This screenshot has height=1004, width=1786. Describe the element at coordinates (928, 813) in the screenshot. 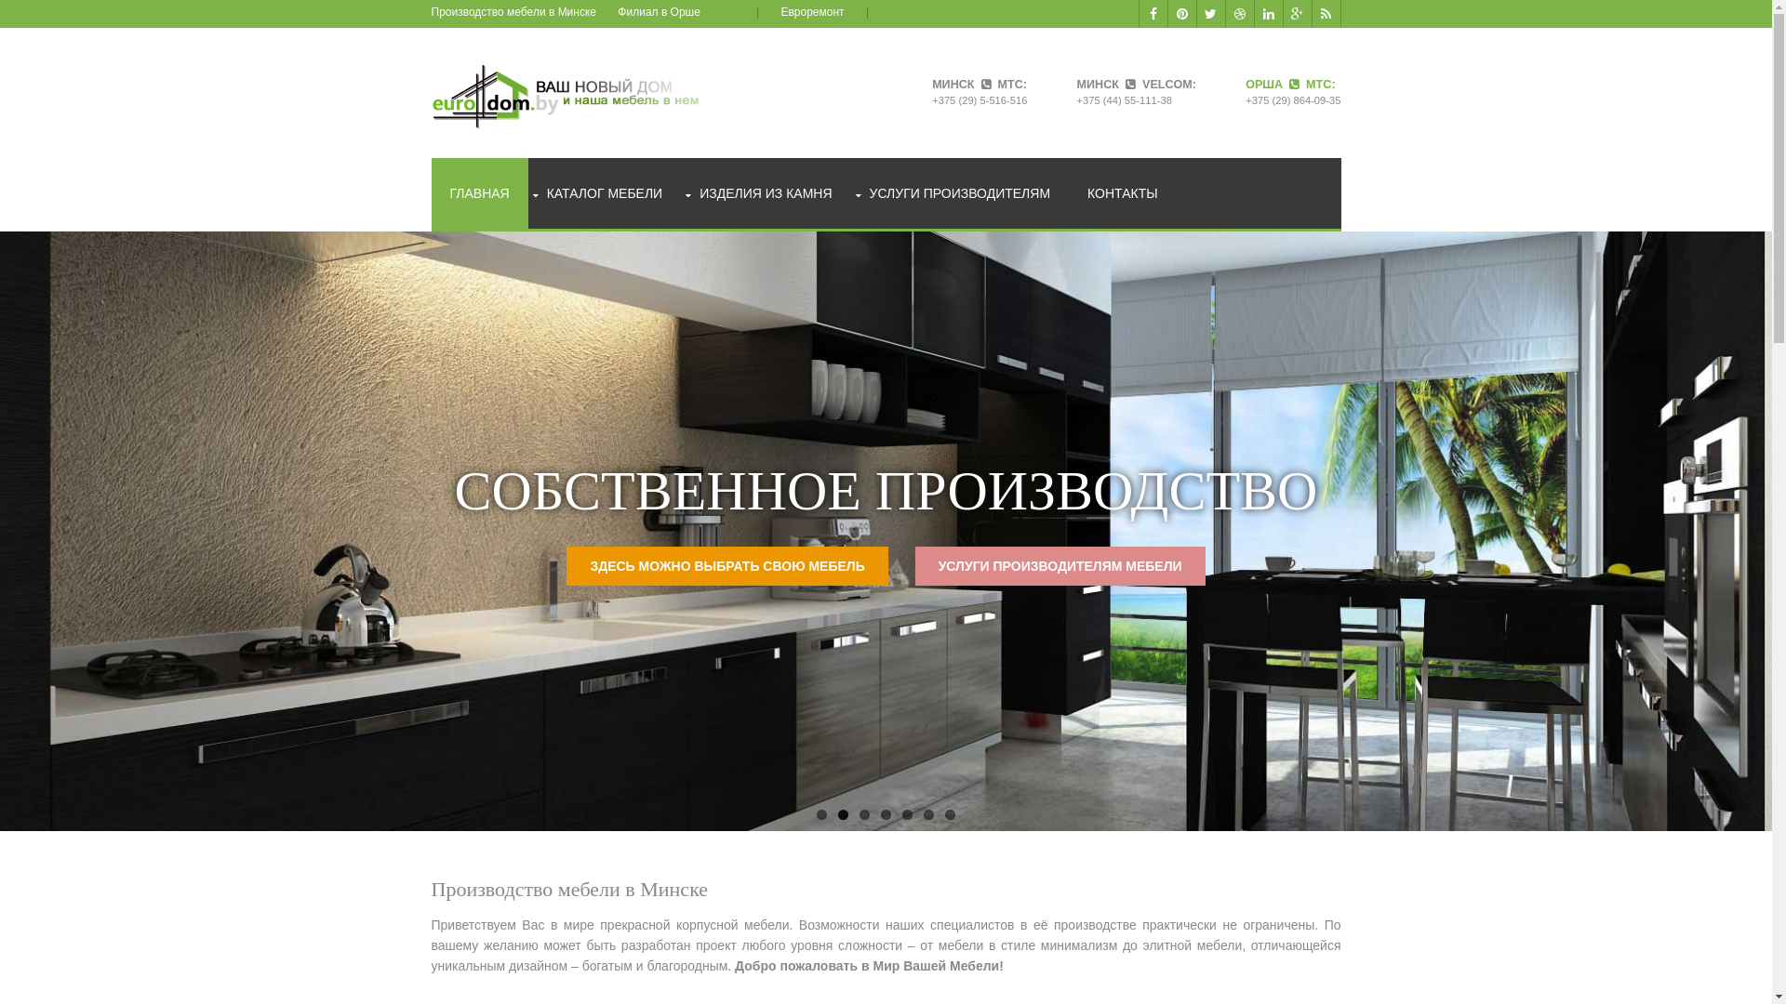

I see `'6'` at that location.